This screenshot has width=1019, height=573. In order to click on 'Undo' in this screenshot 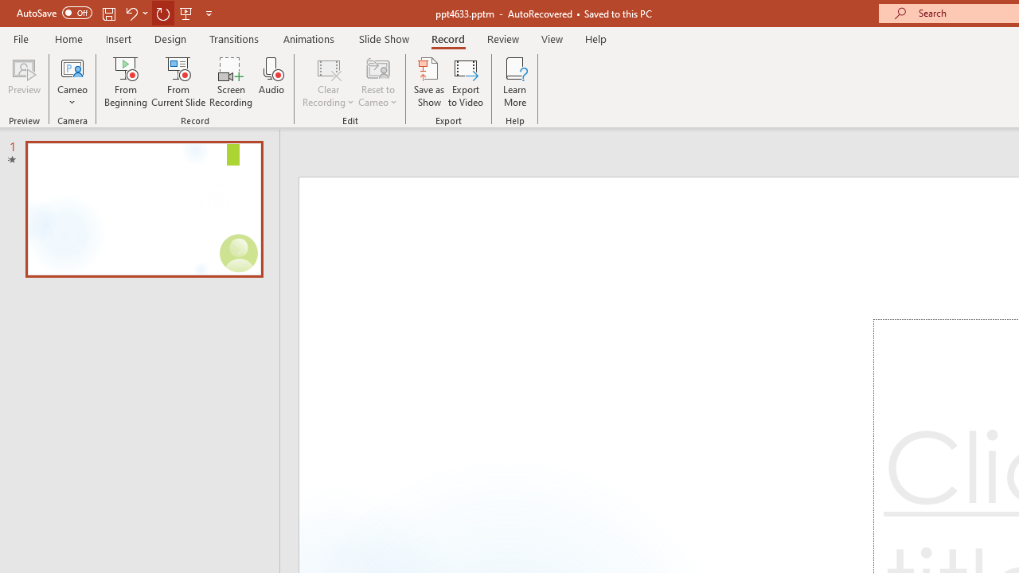, I will do `click(135, 13)`.